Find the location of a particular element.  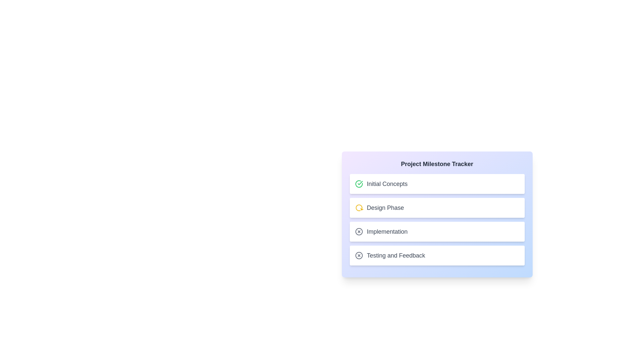

the List item representing the 'Design Phase' in the project tracker, located on the second row between 'Initial Concepts' and 'Implementation' is located at coordinates (437, 208).